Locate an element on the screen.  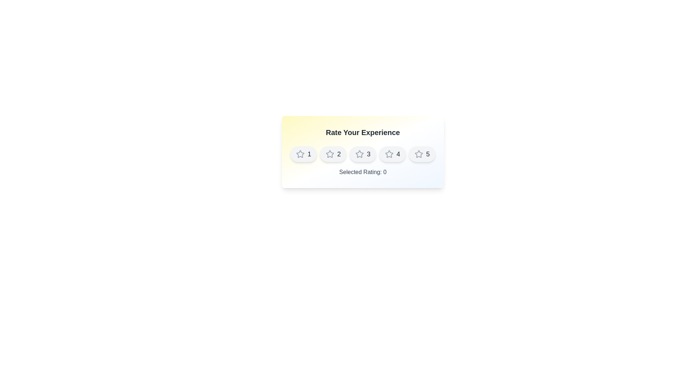
the star corresponding to 3 is located at coordinates (363, 154).